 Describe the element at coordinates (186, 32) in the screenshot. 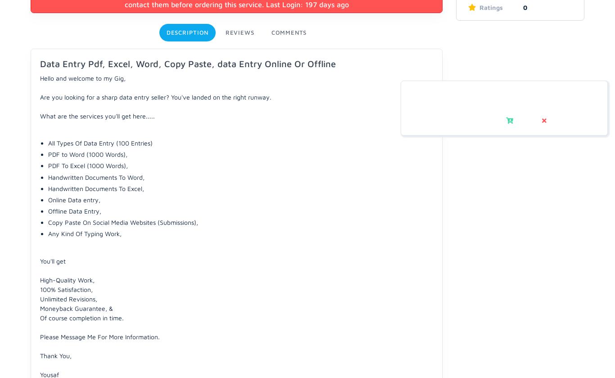

I see `'Description'` at that location.